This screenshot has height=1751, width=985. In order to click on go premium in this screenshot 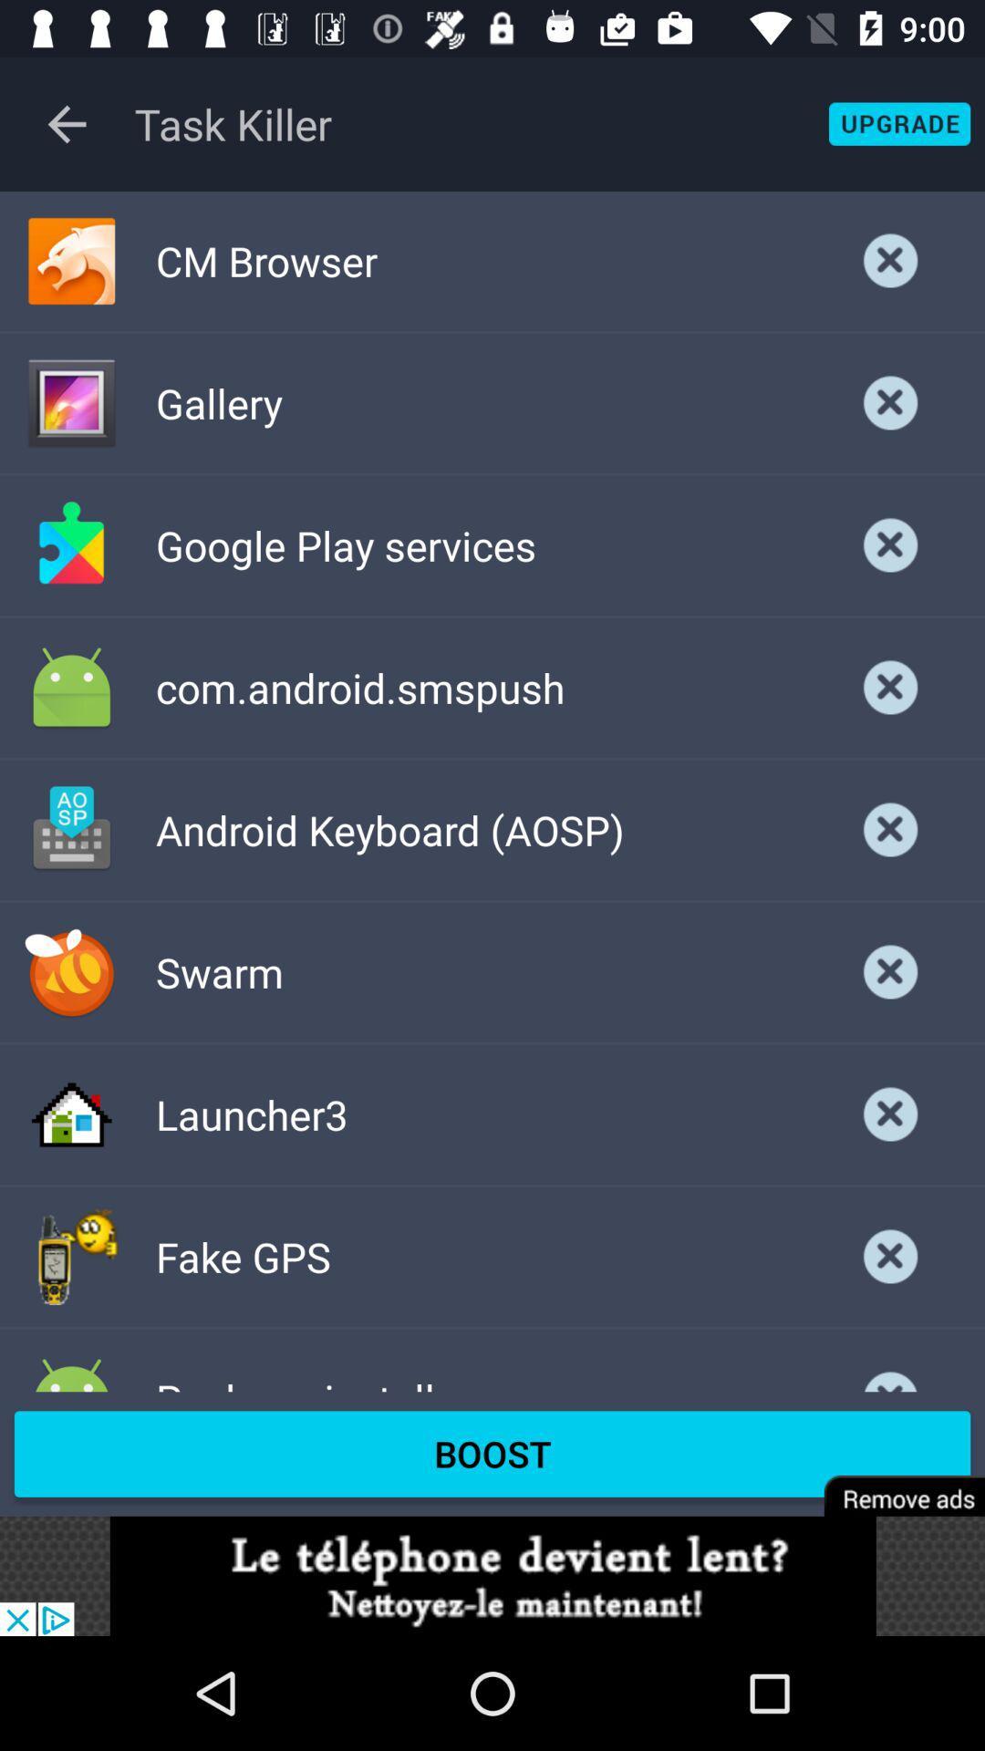, I will do `click(891, 1484)`.